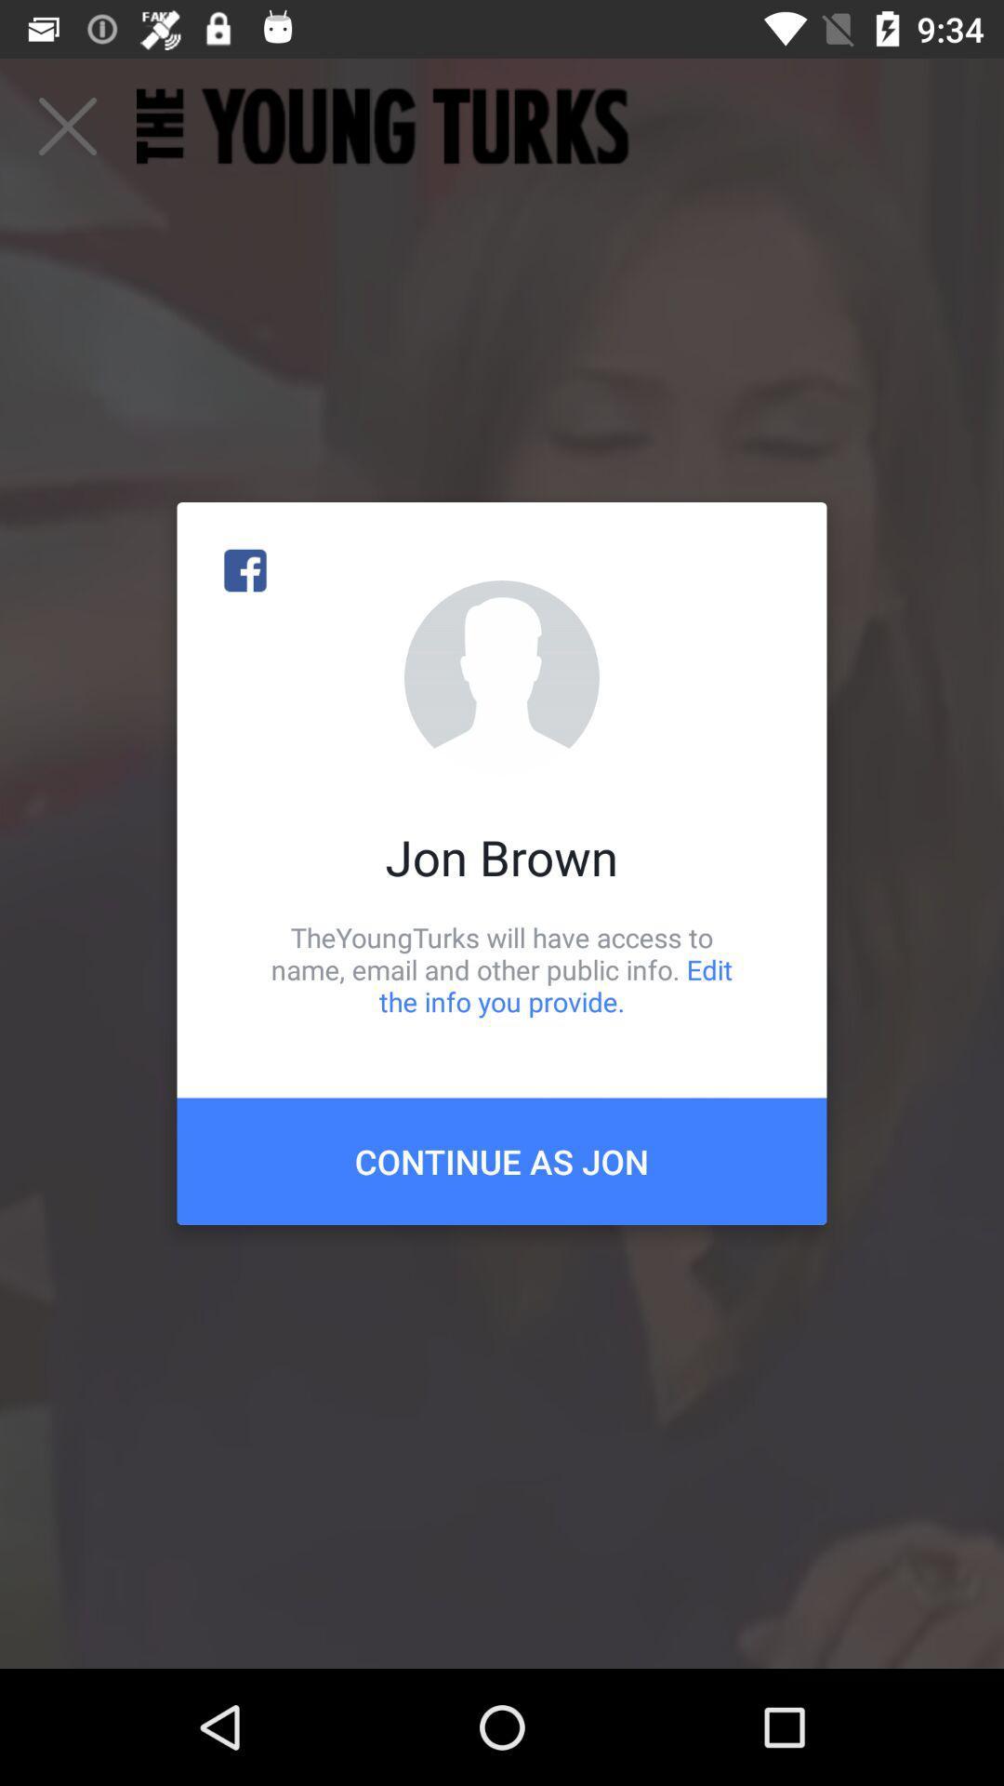 This screenshot has height=1786, width=1004. What do you see at coordinates (502, 968) in the screenshot?
I see `item above continue as jon item` at bounding box center [502, 968].